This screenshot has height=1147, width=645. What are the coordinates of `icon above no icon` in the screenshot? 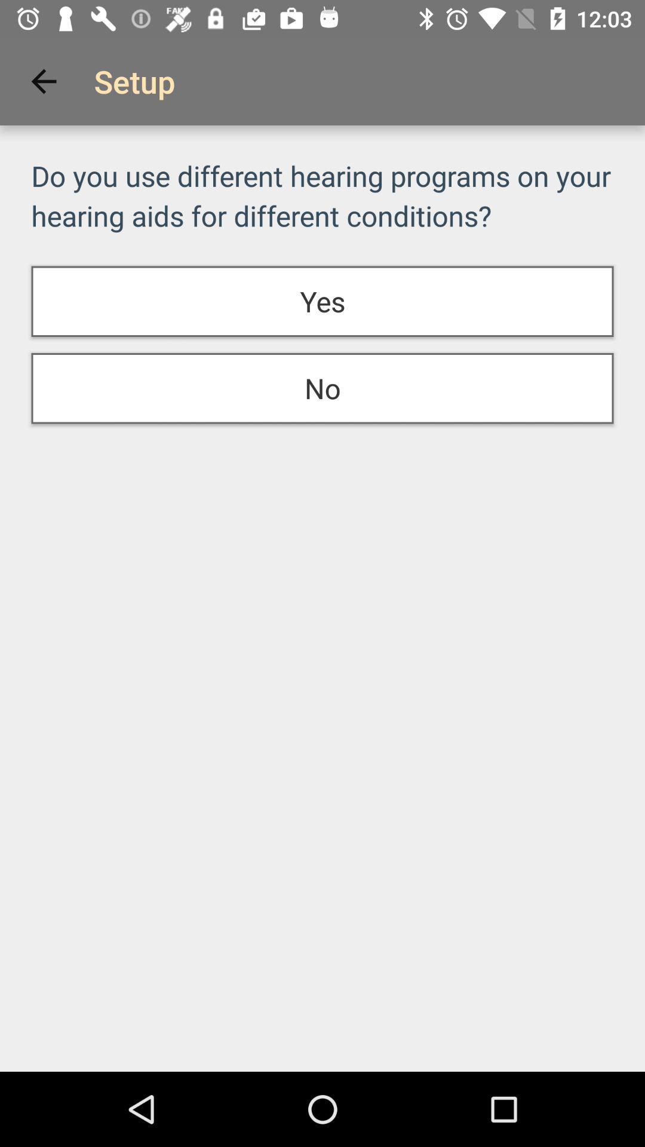 It's located at (322, 301).